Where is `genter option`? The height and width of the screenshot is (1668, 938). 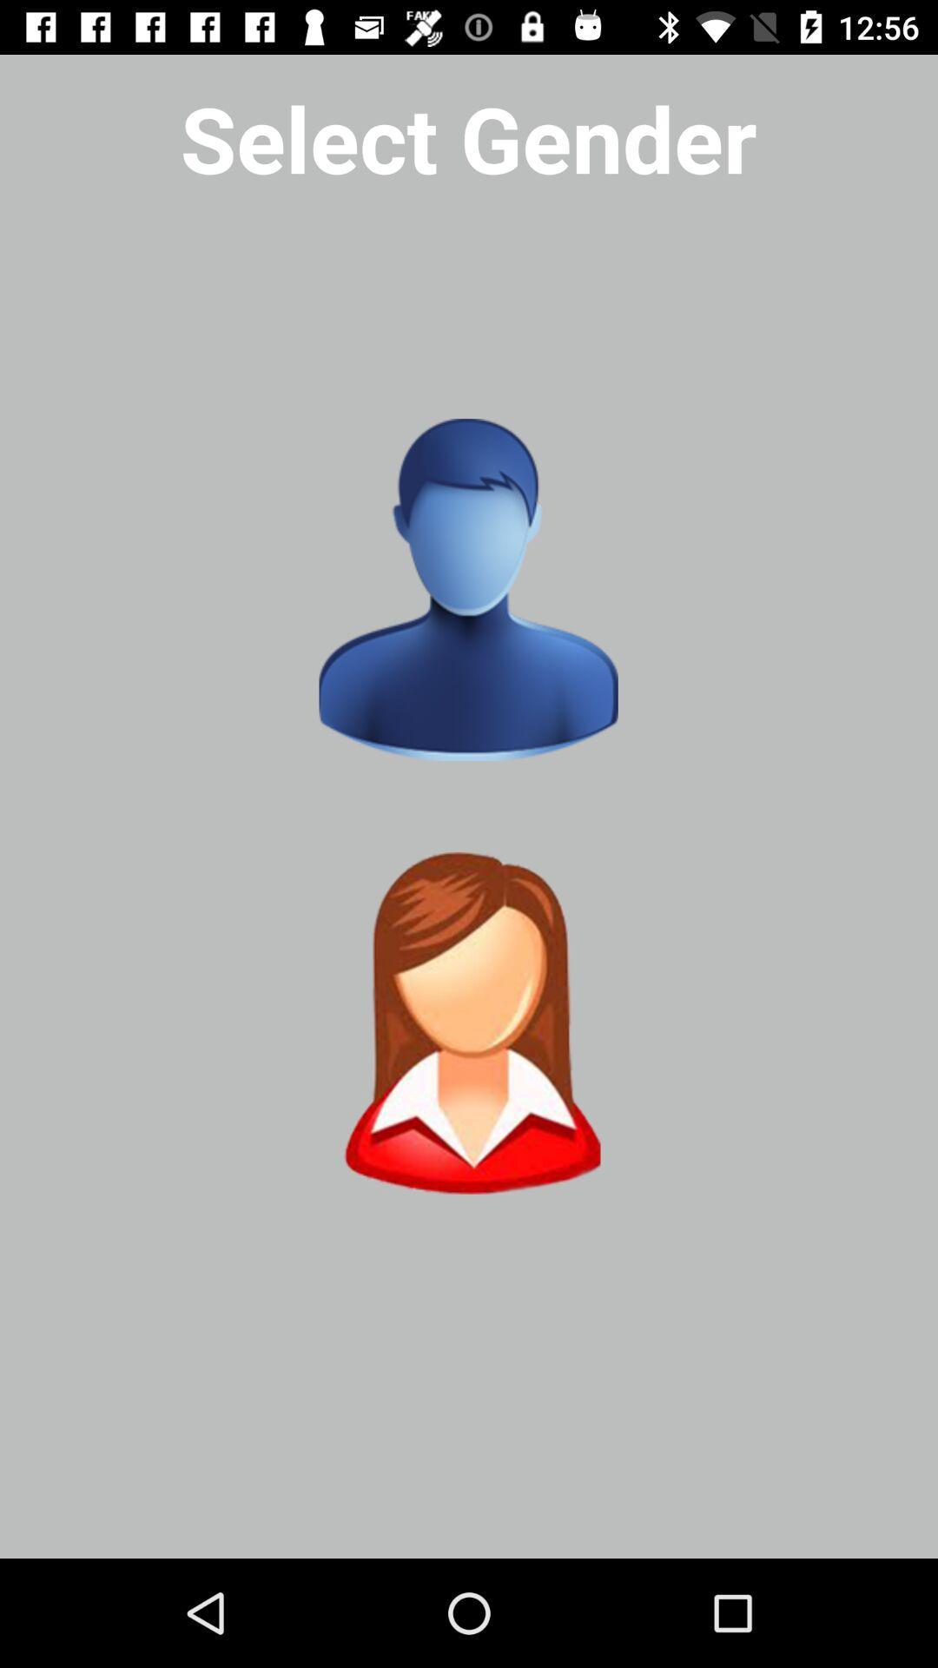 genter option is located at coordinates (467, 590).